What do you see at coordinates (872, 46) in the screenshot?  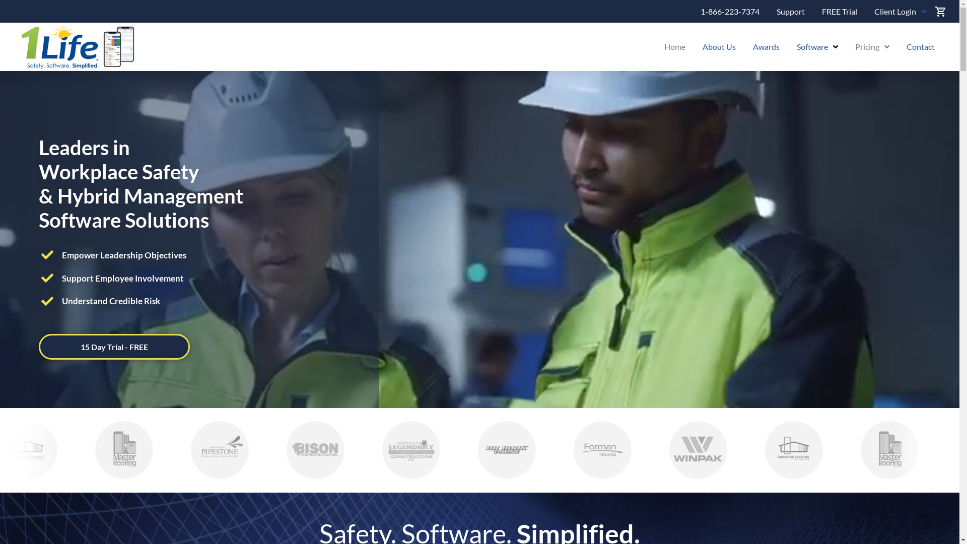 I see `'Pricing'` at bounding box center [872, 46].